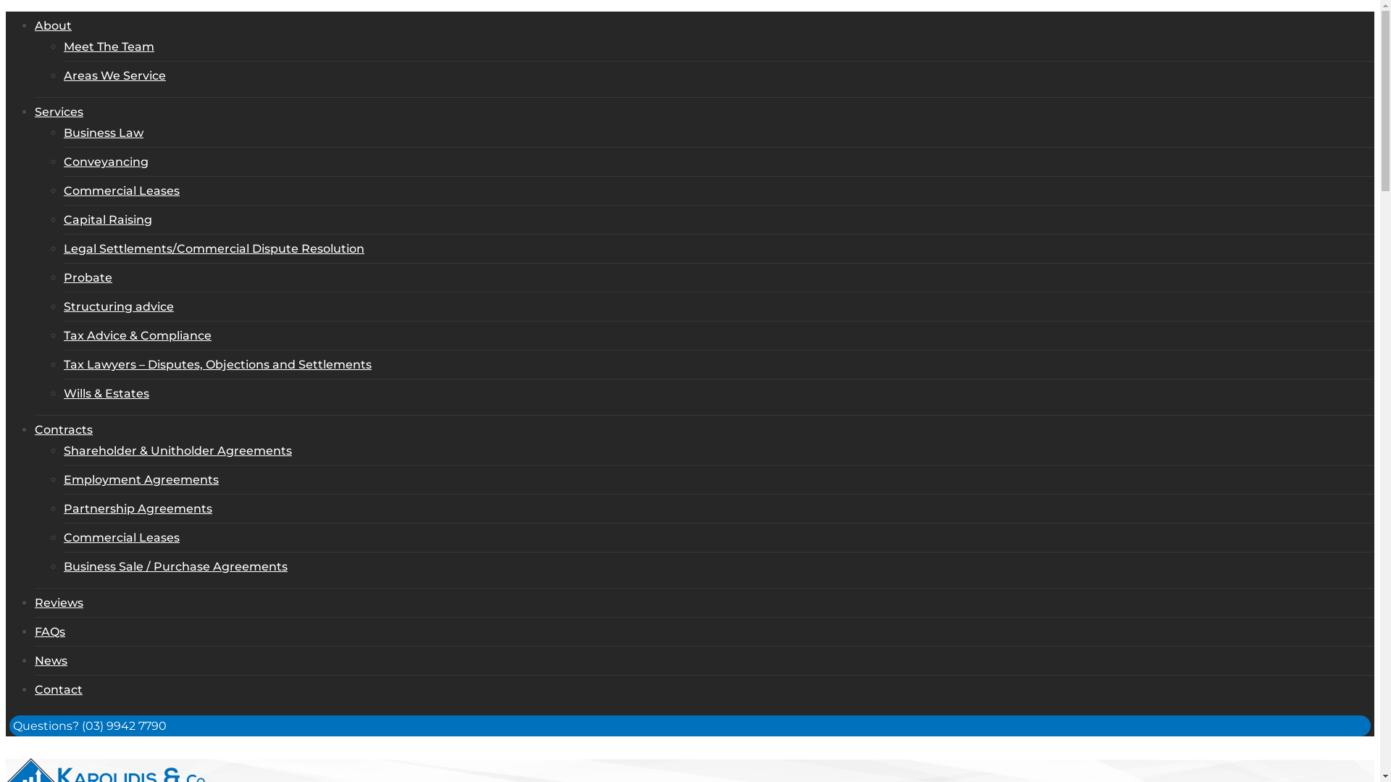  Describe the element at coordinates (35, 429) in the screenshot. I see `'Contracts'` at that location.